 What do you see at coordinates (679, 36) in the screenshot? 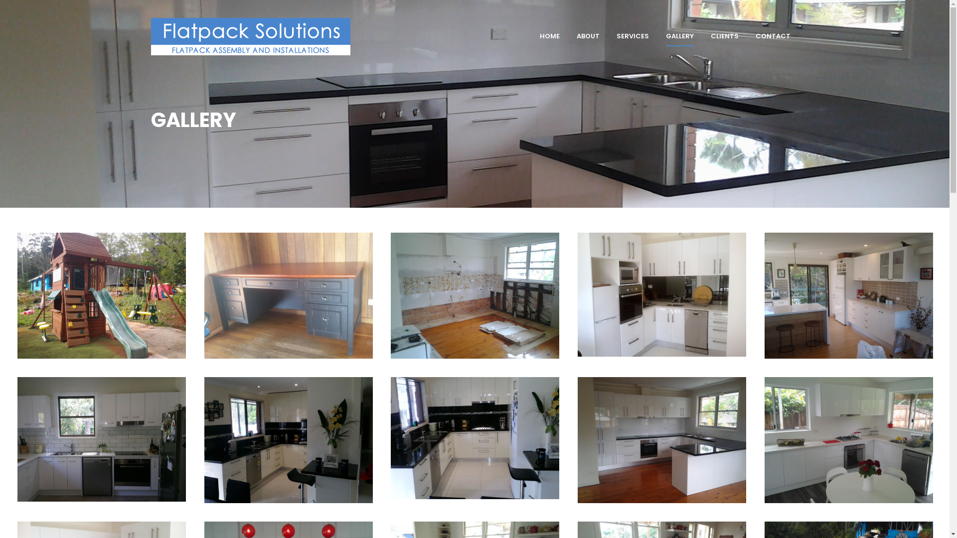
I see `'GALLERY'` at bounding box center [679, 36].